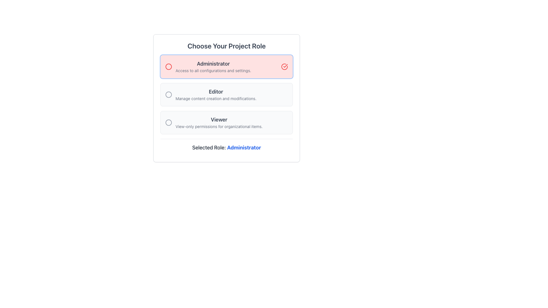  Describe the element at coordinates (168, 122) in the screenshot. I see `the SVG Circle icon that represents a state or selectable option, located near the text 'Viewer: View-only permissions for organizational items'` at that location.